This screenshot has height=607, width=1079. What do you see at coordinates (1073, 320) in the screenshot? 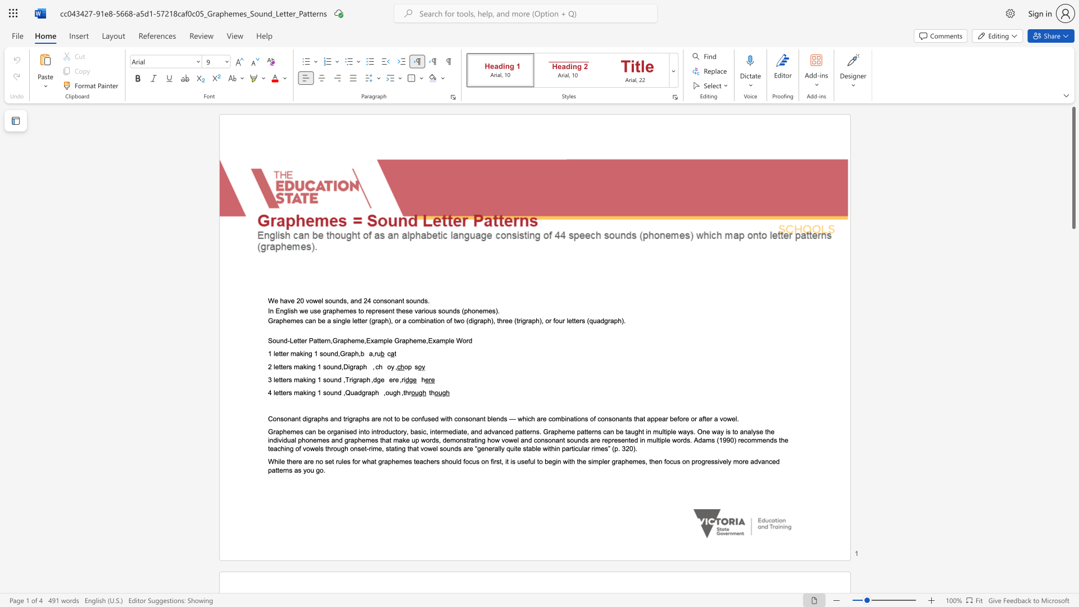
I see `the scrollbar on the right side to scroll the page down` at bounding box center [1073, 320].